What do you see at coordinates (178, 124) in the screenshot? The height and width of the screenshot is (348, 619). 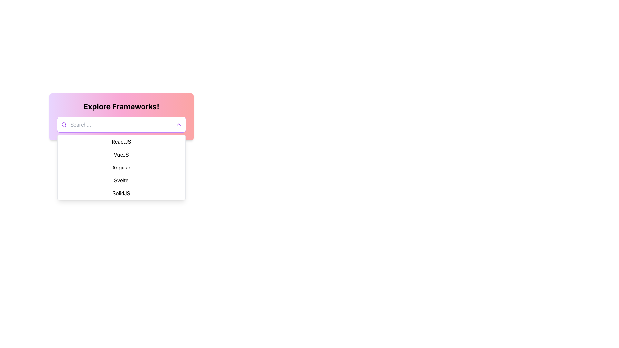 I see `the chevron-up icon styled in purple, located on the right side of the search input field` at bounding box center [178, 124].